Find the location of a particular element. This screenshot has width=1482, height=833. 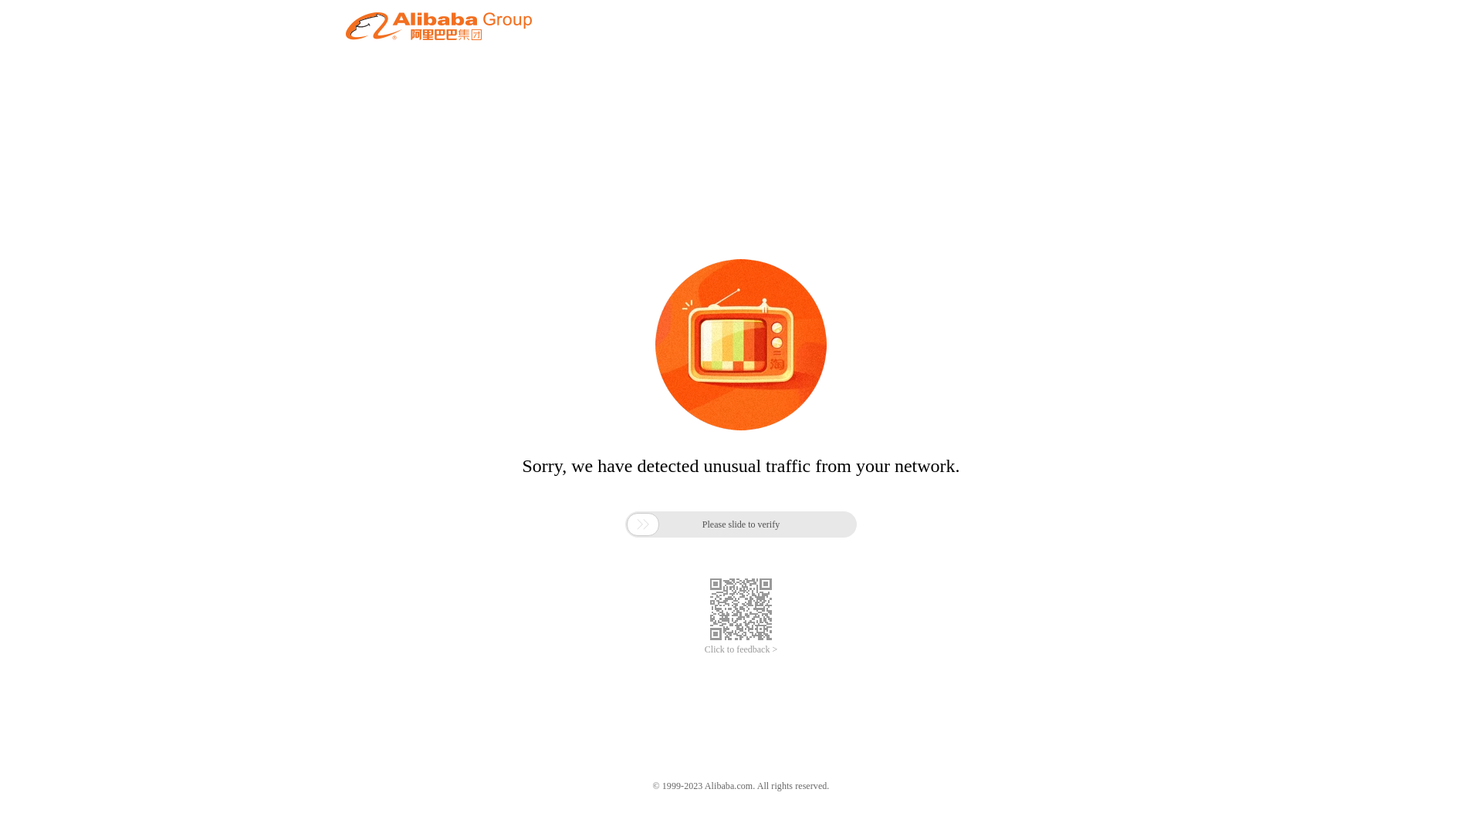

'Click to feedback >' is located at coordinates (741, 649).